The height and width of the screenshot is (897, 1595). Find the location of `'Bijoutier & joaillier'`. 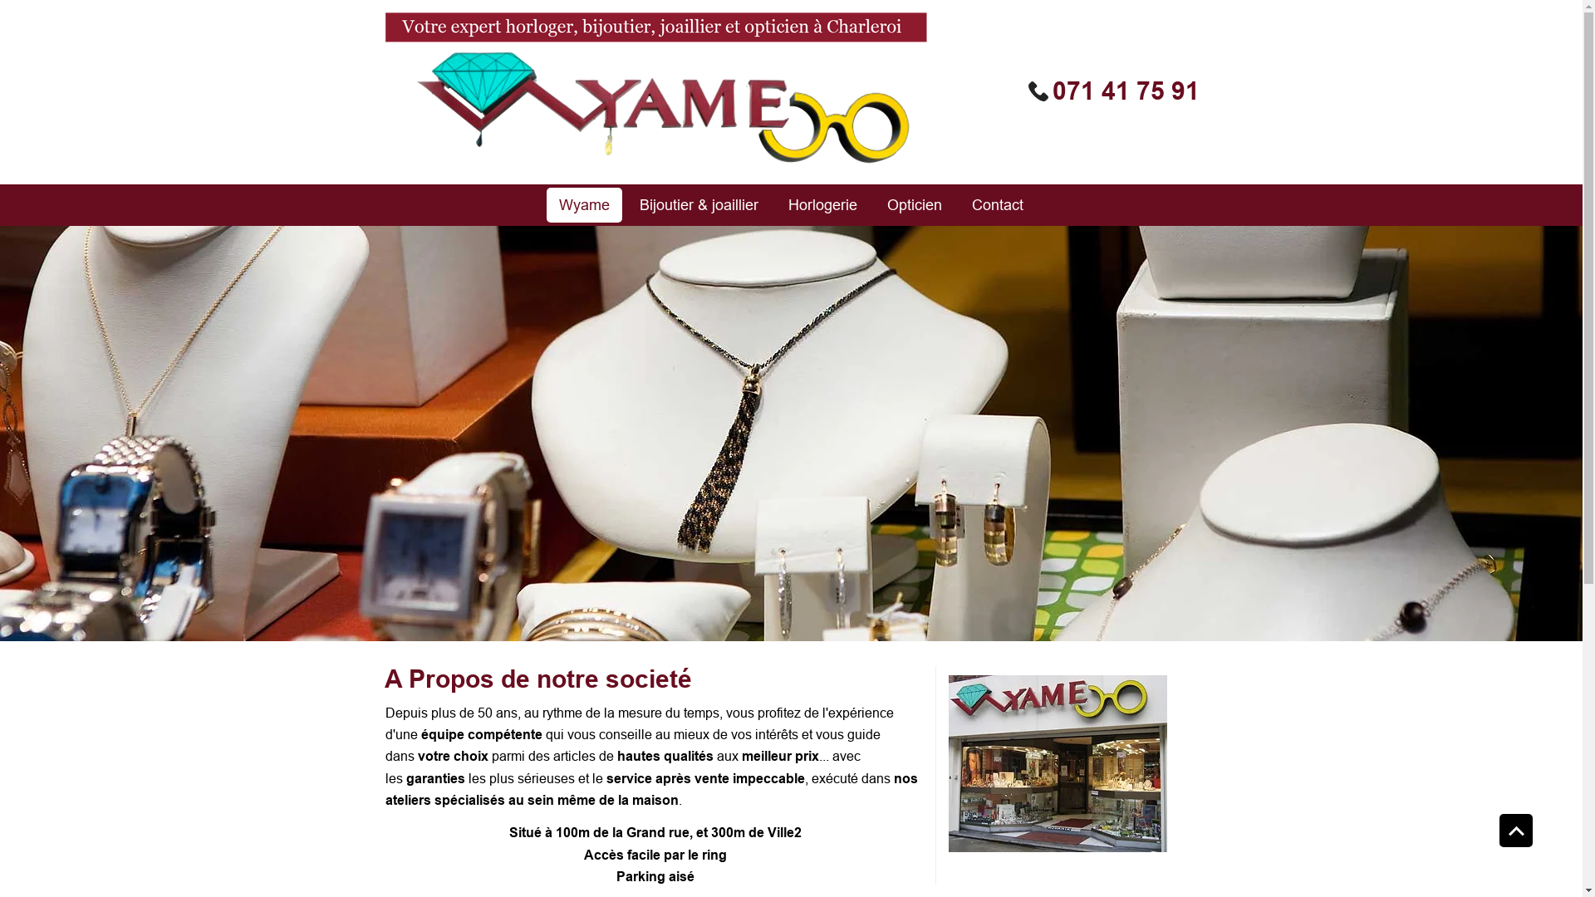

'Bijoutier & joaillier' is located at coordinates (699, 203).